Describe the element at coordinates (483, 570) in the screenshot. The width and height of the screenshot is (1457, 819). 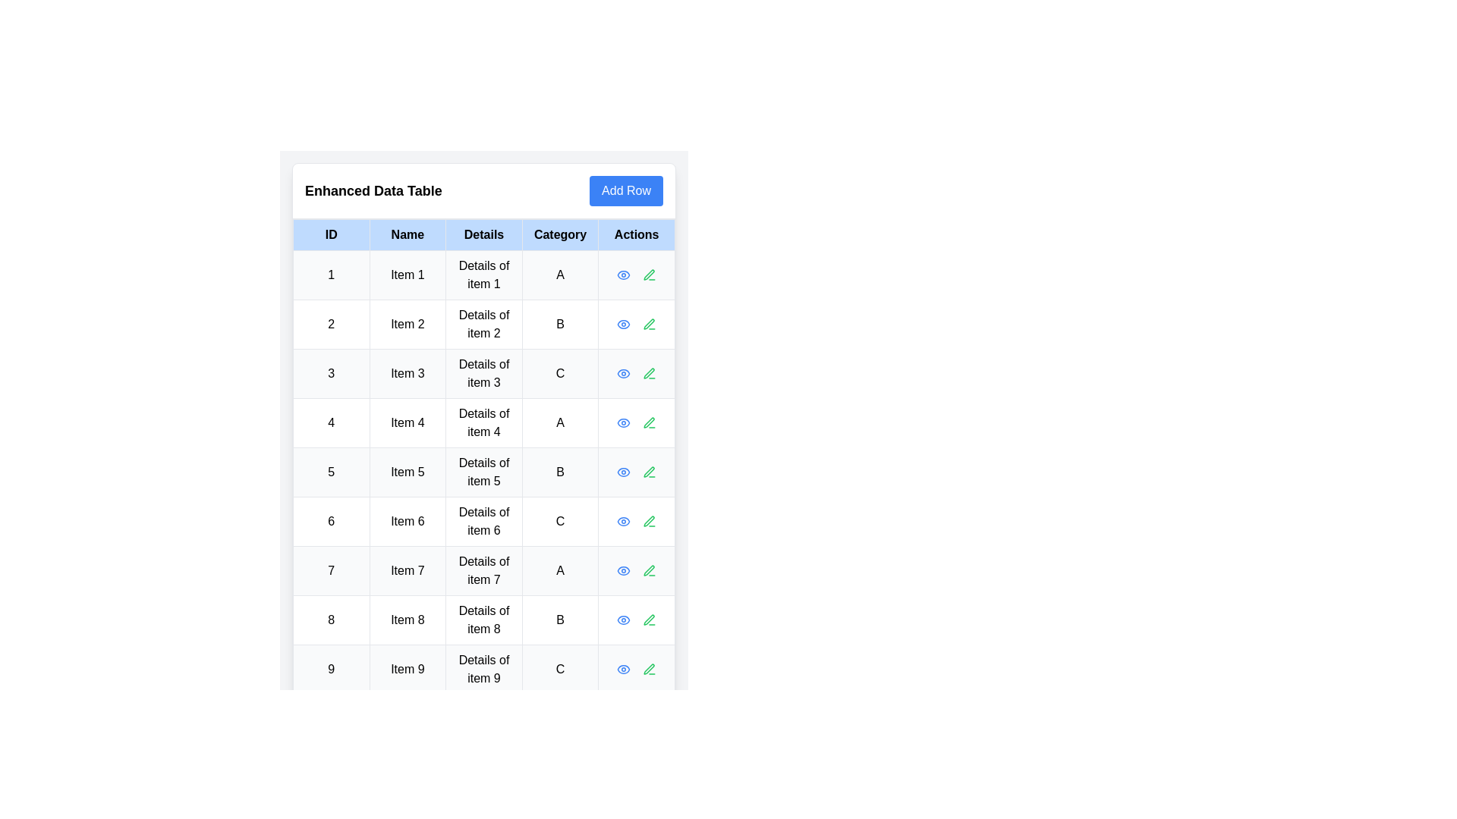
I see `the text display in the third column of the seventh row under the 'Details' column in the data table` at that location.